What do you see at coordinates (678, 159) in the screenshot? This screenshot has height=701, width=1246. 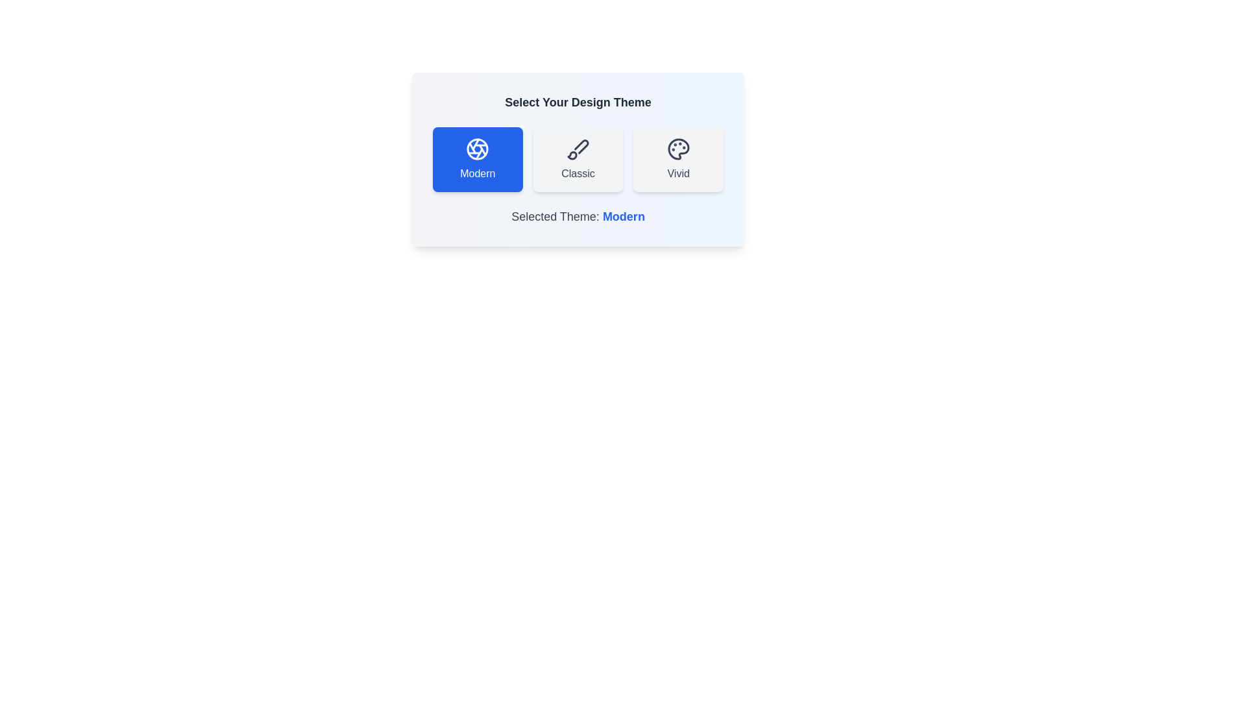 I see `the theme Vivid by clicking on its corresponding button` at bounding box center [678, 159].